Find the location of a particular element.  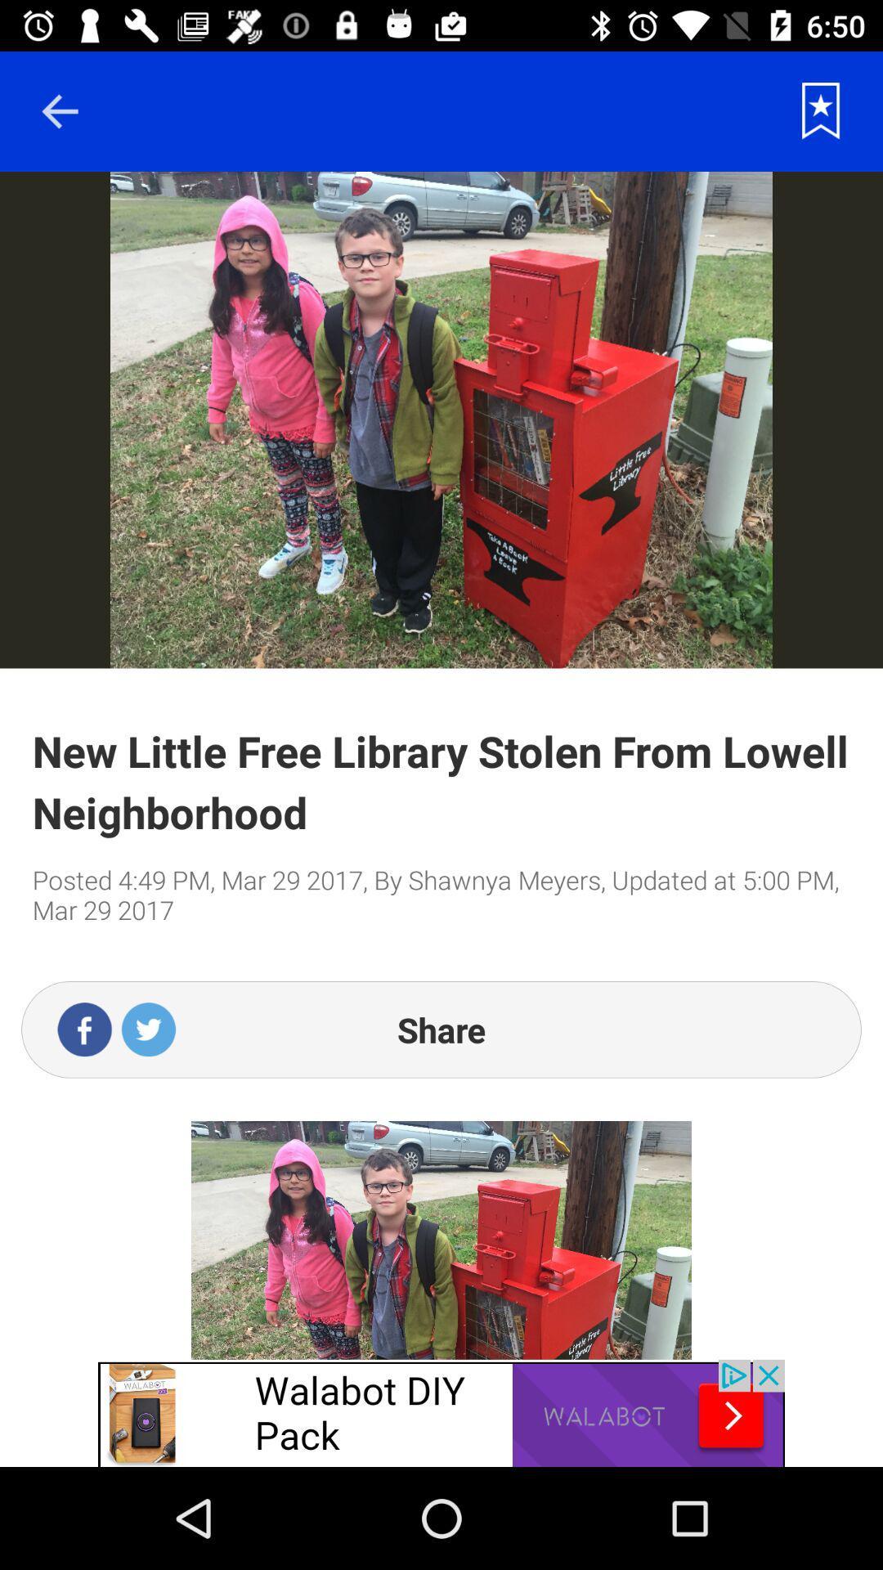

the bookmark icon is located at coordinates (821, 110).